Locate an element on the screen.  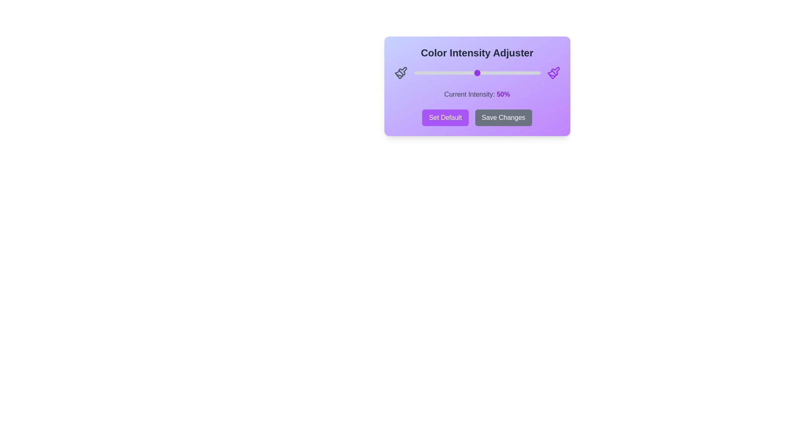
the 'Set Default' button to reset the intensity is located at coordinates (445, 118).